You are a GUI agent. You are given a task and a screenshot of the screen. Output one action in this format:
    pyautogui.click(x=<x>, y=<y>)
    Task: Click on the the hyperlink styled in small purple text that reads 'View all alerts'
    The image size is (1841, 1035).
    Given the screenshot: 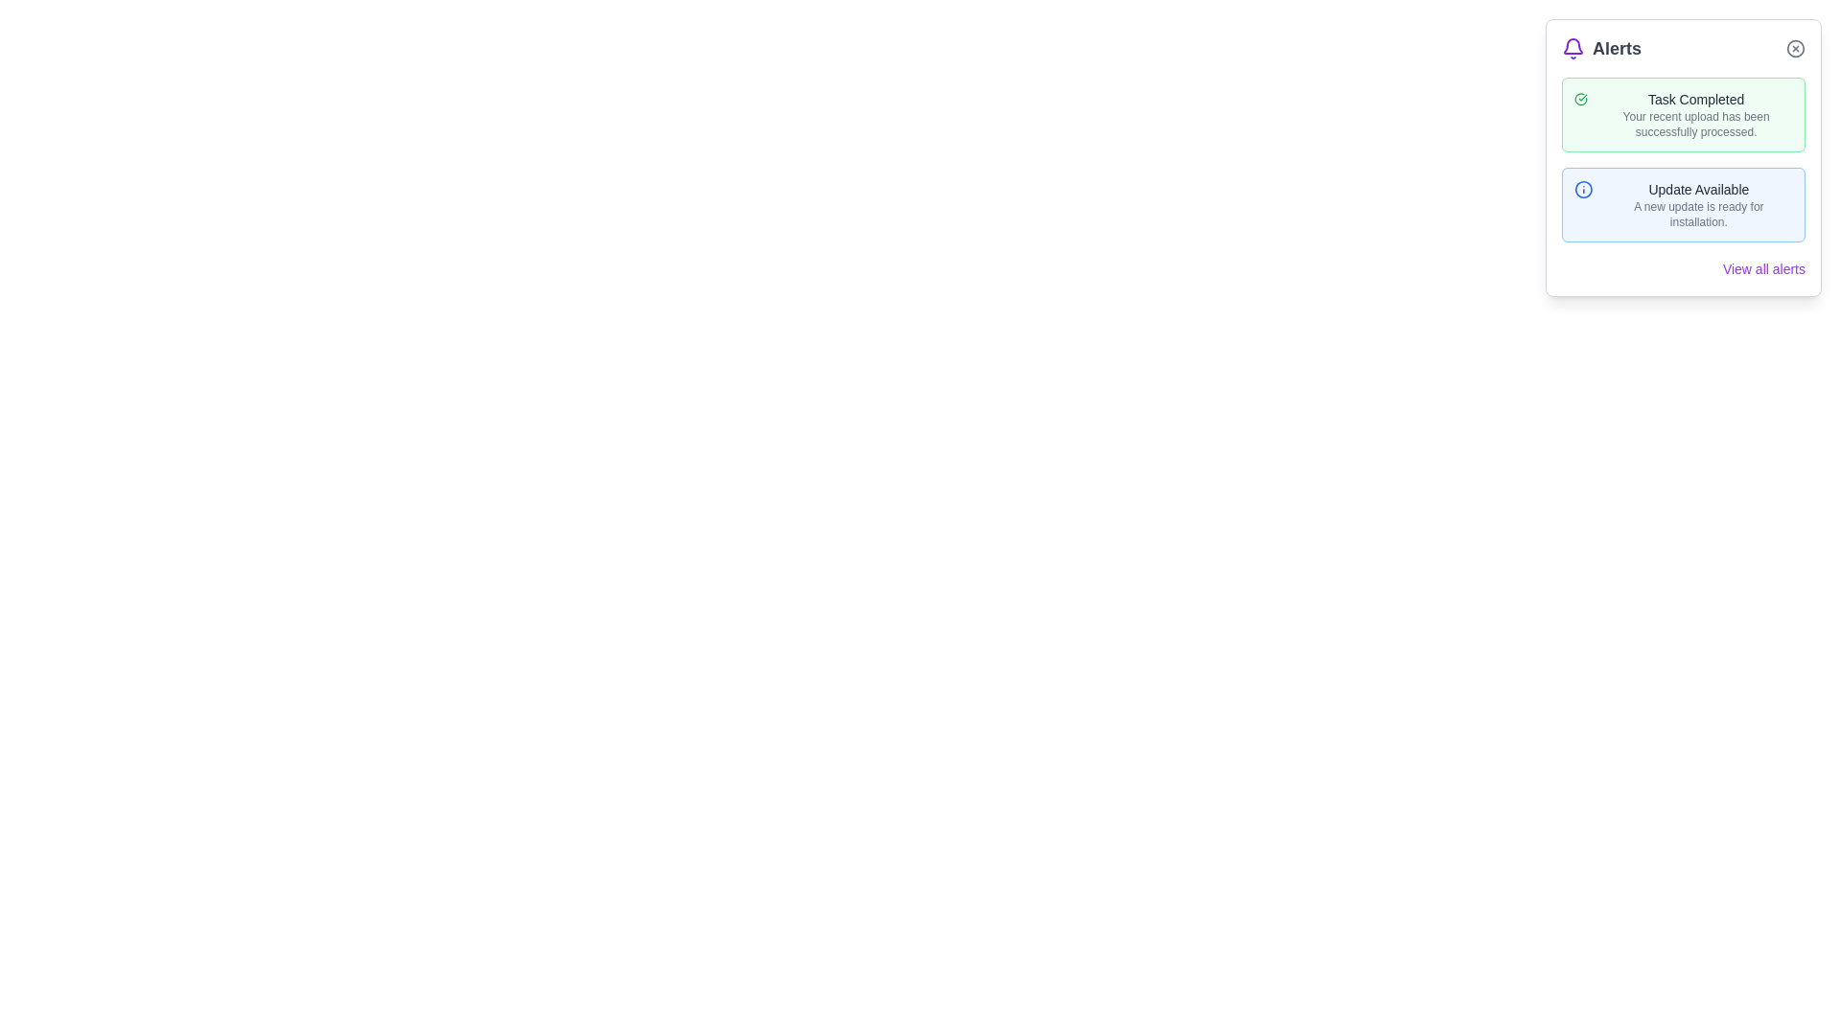 What is the action you would take?
    pyautogui.click(x=1763, y=269)
    